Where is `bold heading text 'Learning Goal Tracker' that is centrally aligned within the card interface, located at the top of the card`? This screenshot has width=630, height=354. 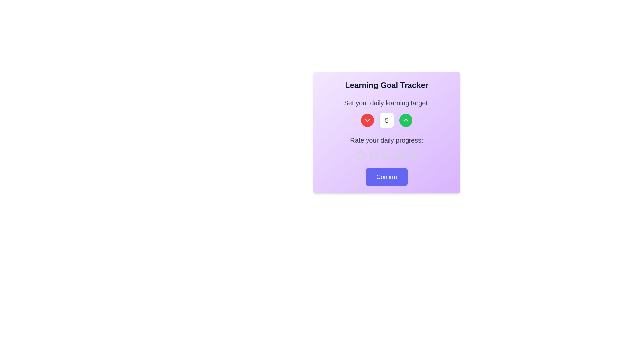 bold heading text 'Learning Goal Tracker' that is centrally aligned within the card interface, located at the top of the card is located at coordinates (387, 85).